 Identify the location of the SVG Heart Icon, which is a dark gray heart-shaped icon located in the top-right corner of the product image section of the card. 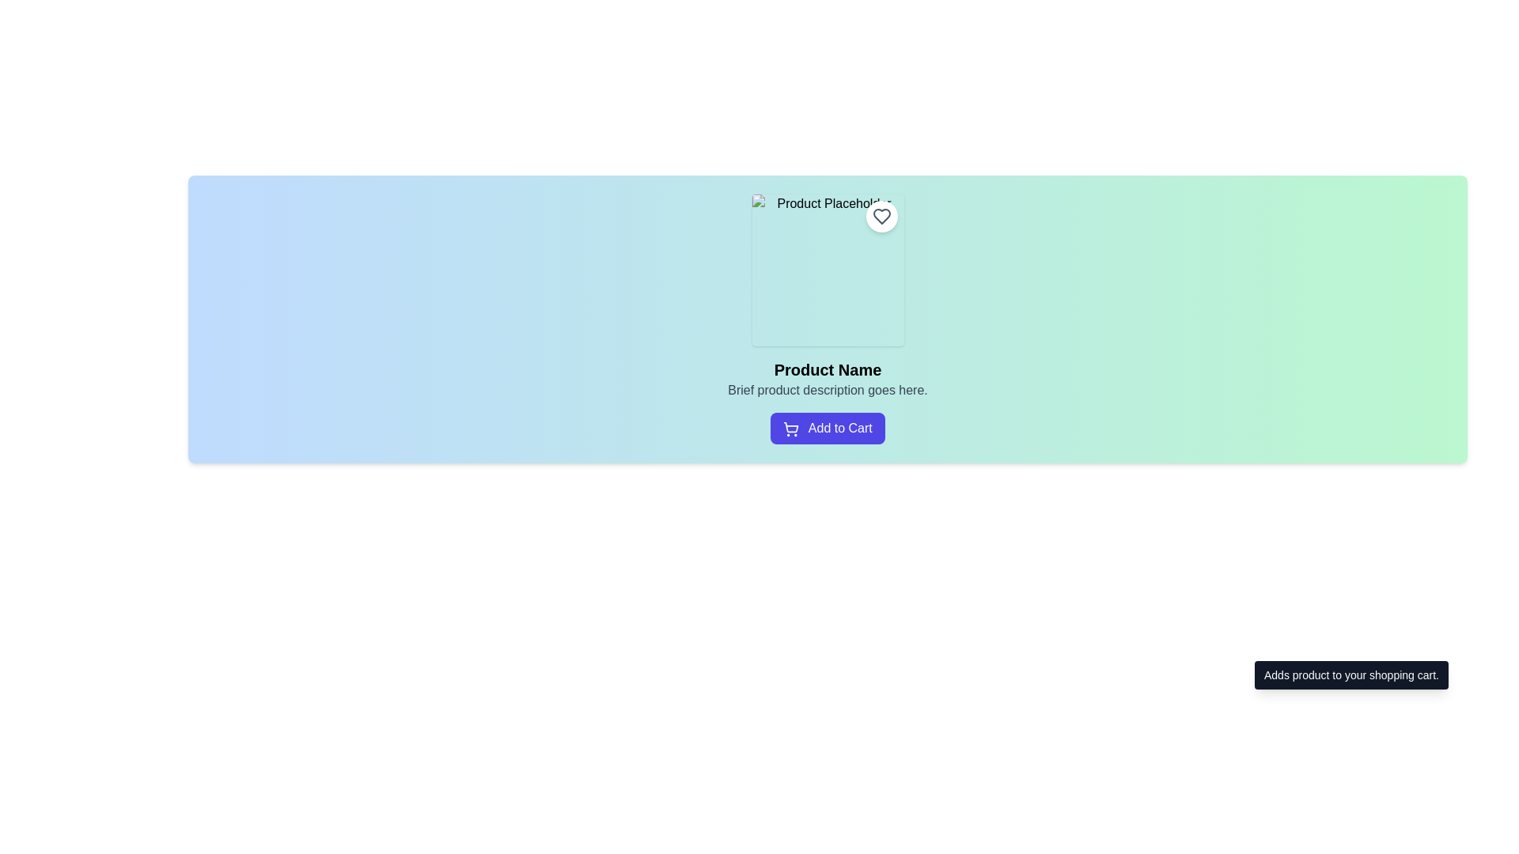
(881, 216).